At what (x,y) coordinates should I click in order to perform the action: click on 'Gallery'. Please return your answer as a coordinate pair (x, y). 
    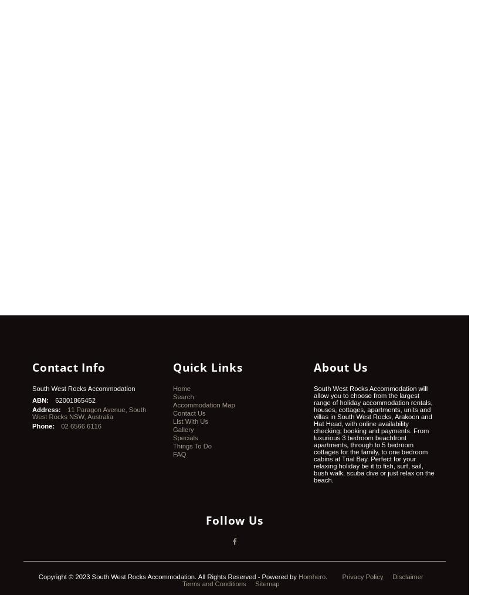
    Looking at the image, I should click on (182, 429).